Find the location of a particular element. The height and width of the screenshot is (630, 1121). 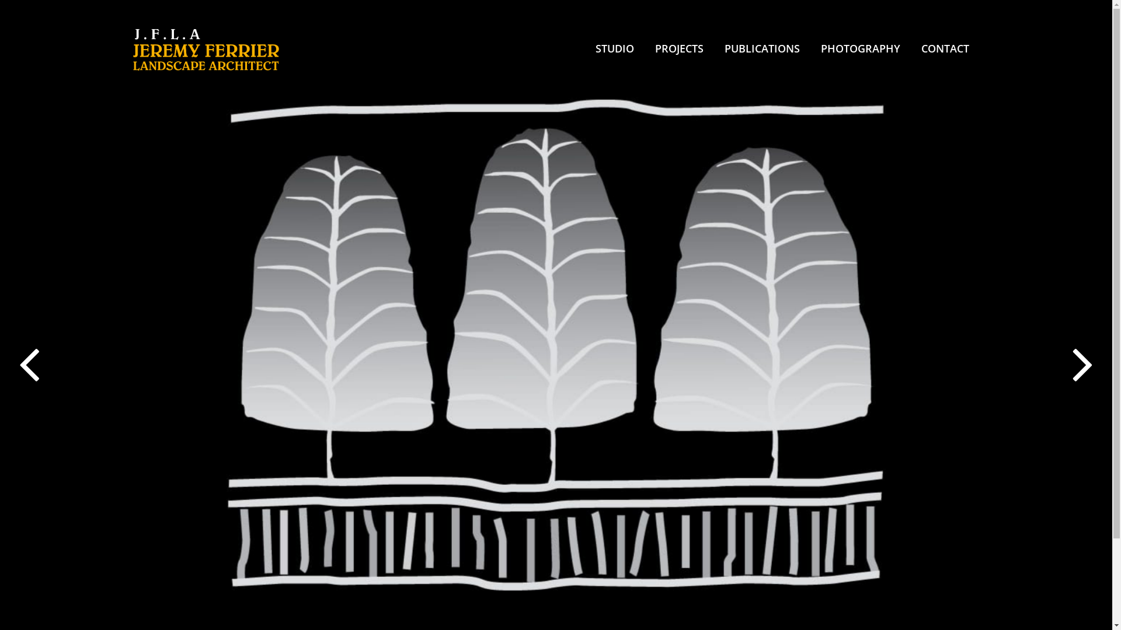

'STUDIO' is located at coordinates (614, 48).